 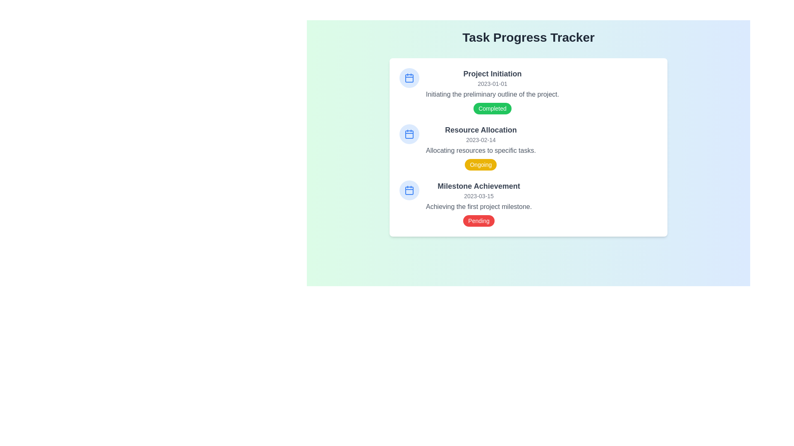 What do you see at coordinates (409, 190) in the screenshot?
I see `the calendar icon button in the 'Milestone Achievement' section, which is the leftmost icon in a vertical list of milestones` at bounding box center [409, 190].